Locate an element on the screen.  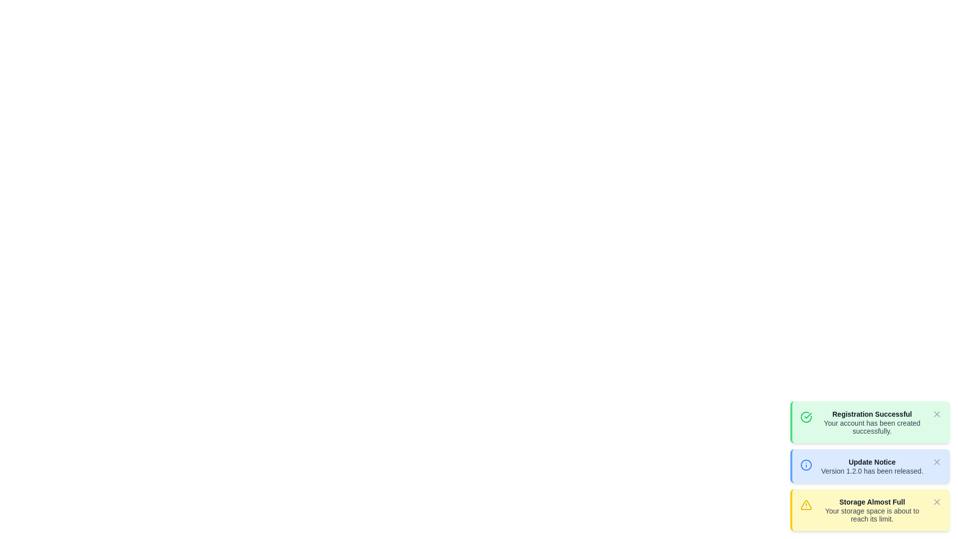
the circular success icon on the green background located in the top left corner of the 'Registration Successful' notification card is located at coordinates (808, 416).